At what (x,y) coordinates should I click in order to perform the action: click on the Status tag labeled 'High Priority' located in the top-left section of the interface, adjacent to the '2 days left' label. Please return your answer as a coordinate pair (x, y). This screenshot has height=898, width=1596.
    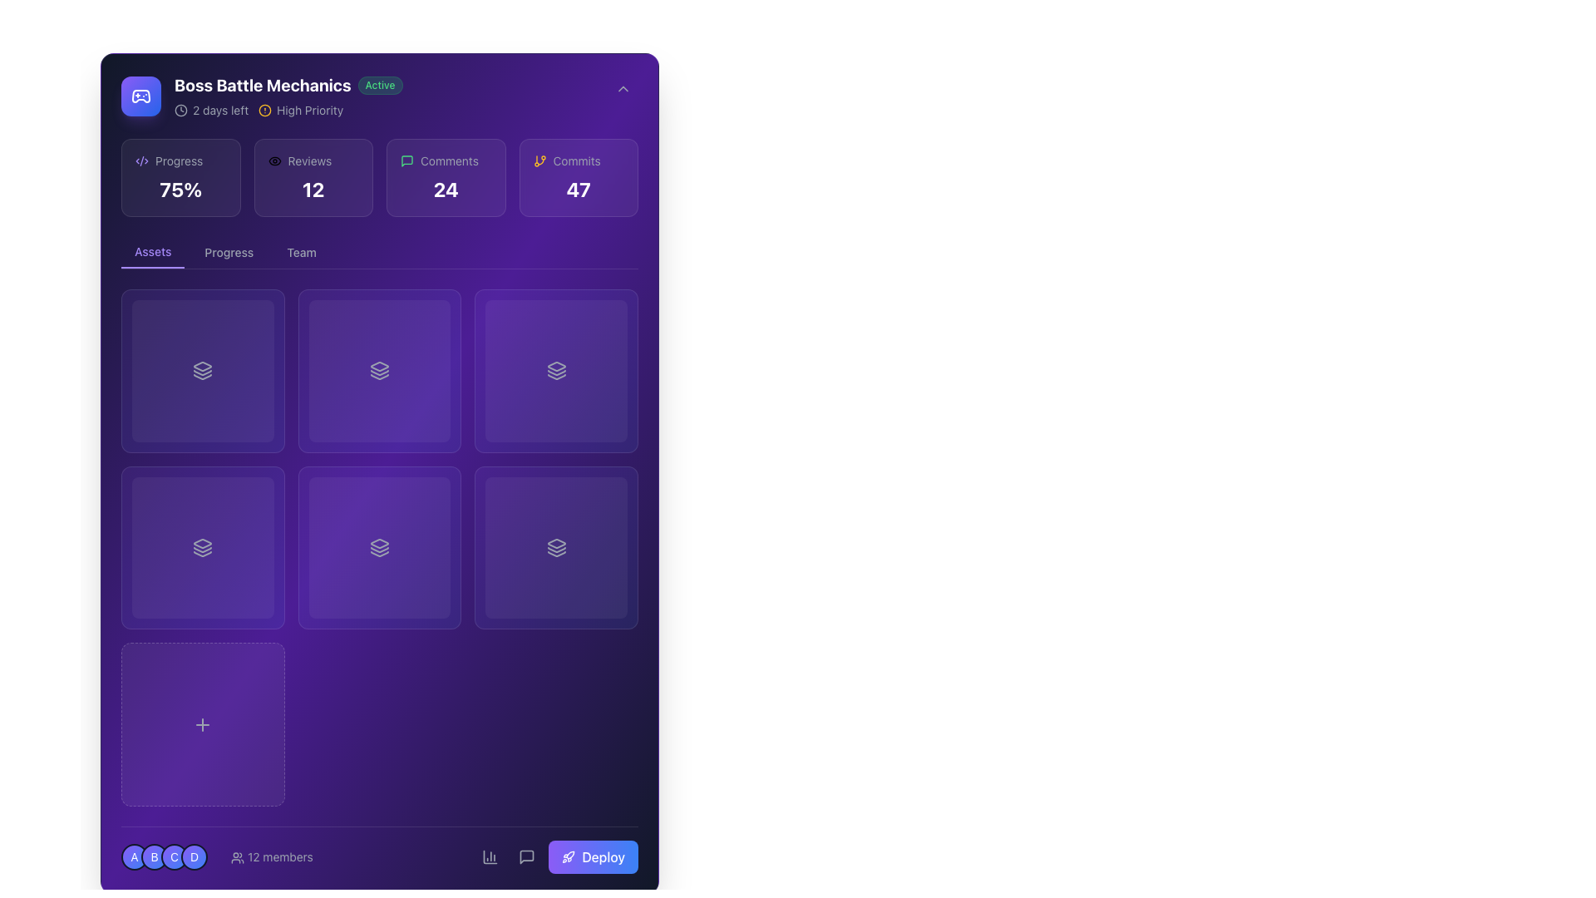
    Looking at the image, I should click on (301, 110).